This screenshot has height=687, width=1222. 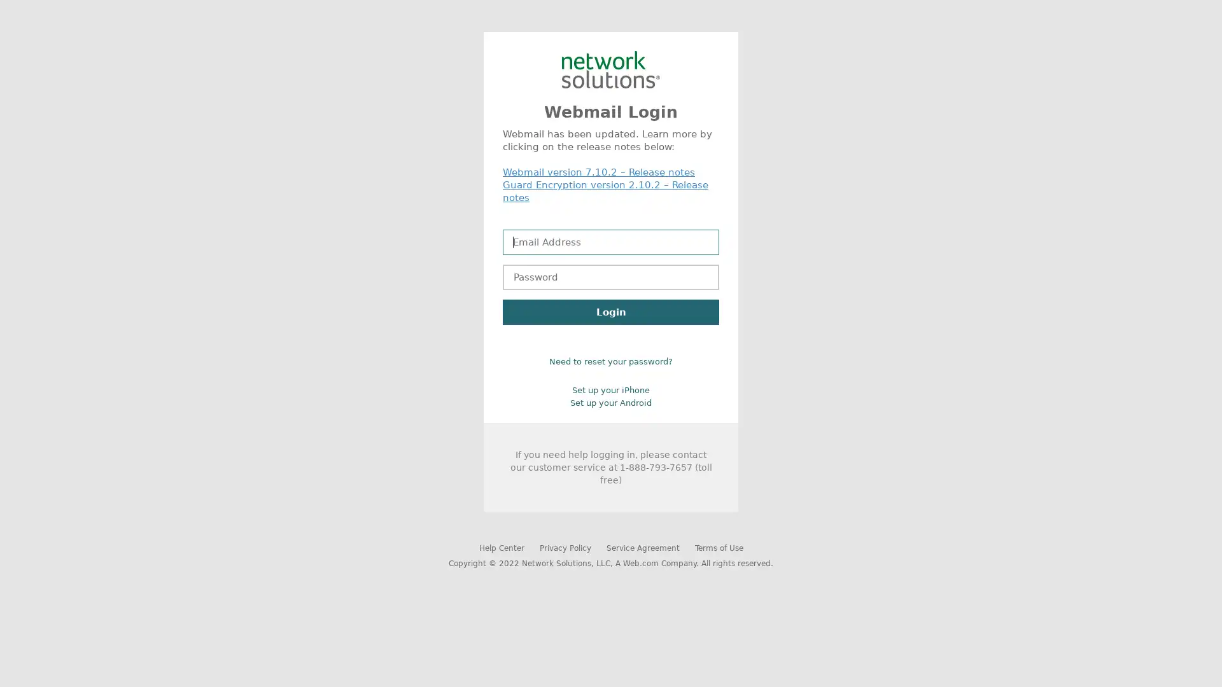 What do you see at coordinates (611, 312) in the screenshot?
I see `Login` at bounding box center [611, 312].